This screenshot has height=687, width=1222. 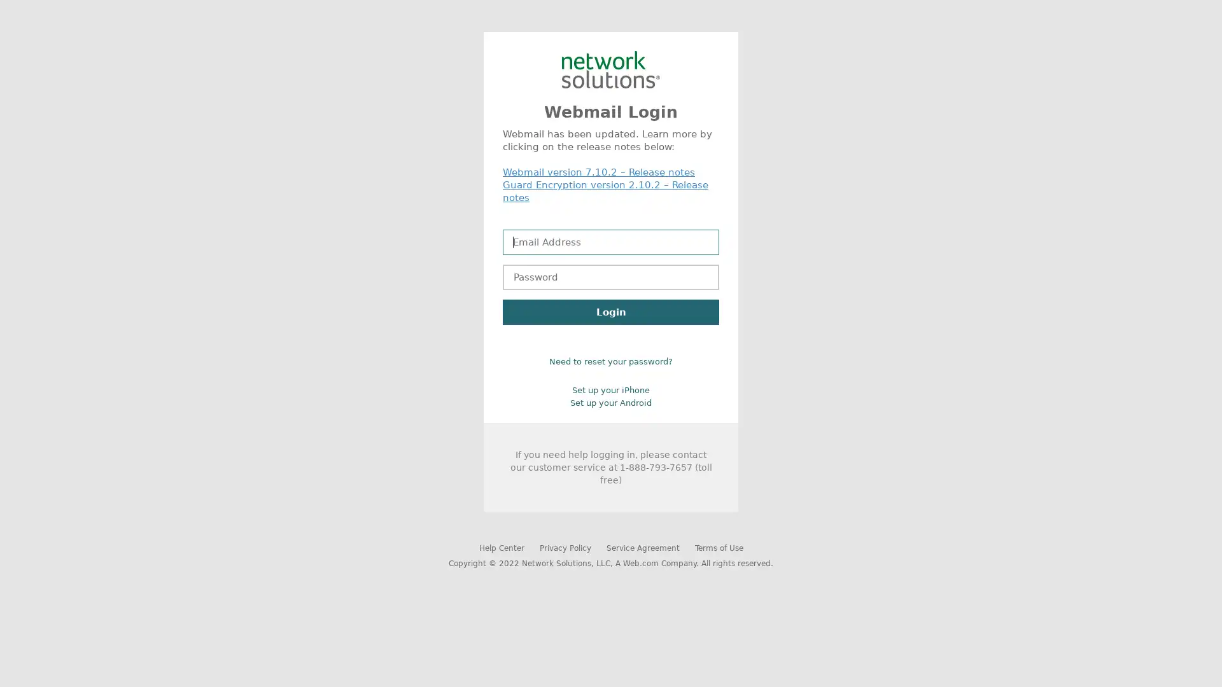 What do you see at coordinates (611, 312) in the screenshot?
I see `Login` at bounding box center [611, 312].